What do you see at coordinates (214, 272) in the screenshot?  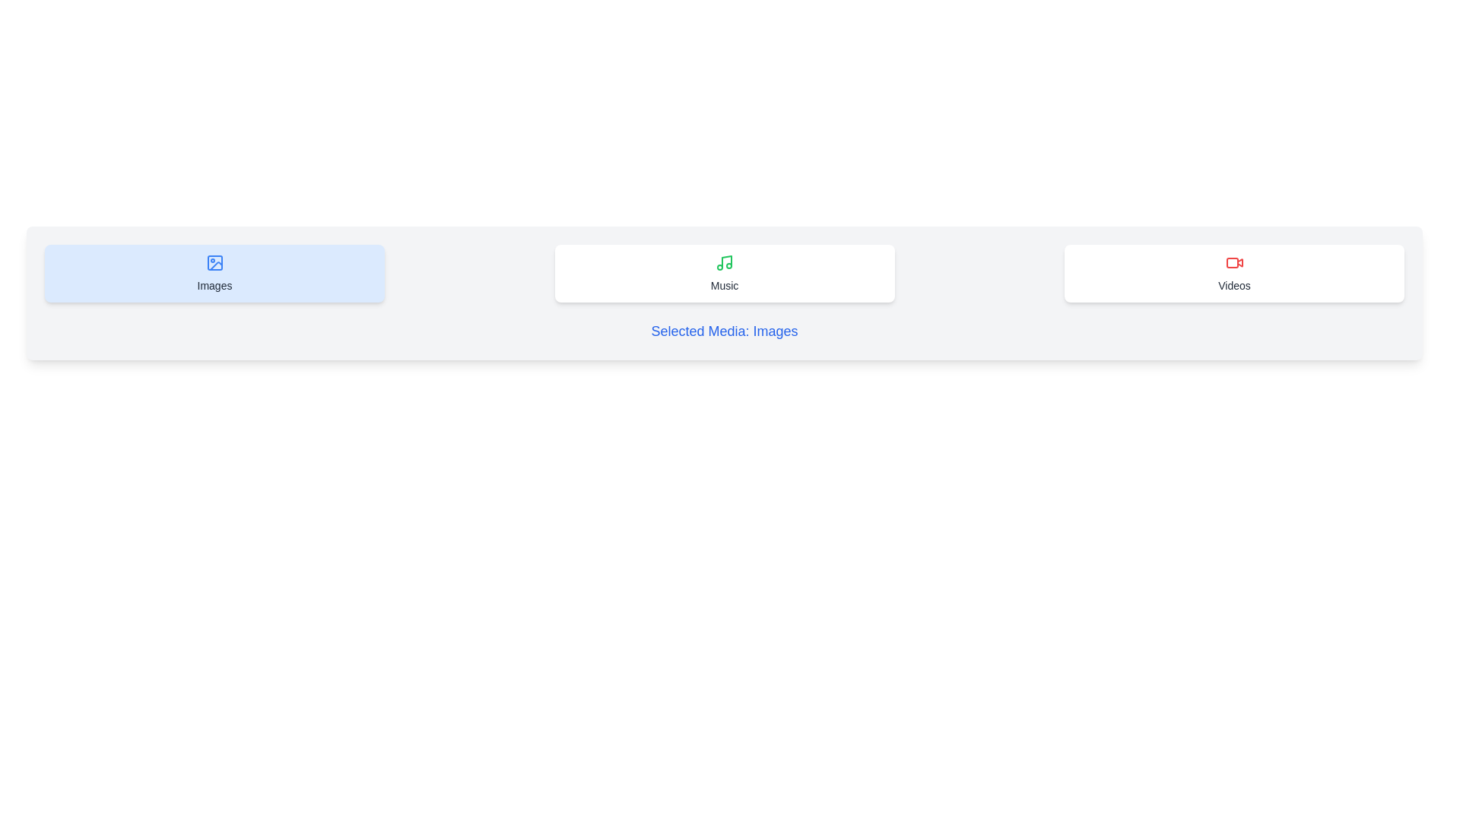 I see `the Images button to observe its hover effect` at bounding box center [214, 272].